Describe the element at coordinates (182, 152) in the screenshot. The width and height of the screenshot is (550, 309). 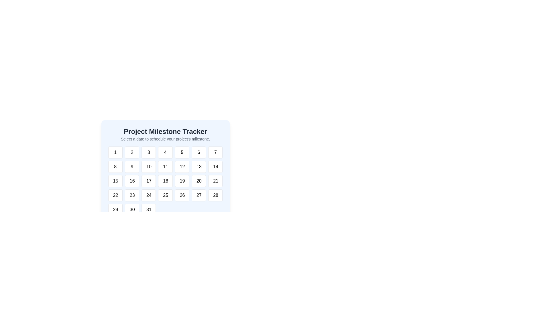
I see `the button representing the date '5' in the Project Milestone Tracker` at that location.